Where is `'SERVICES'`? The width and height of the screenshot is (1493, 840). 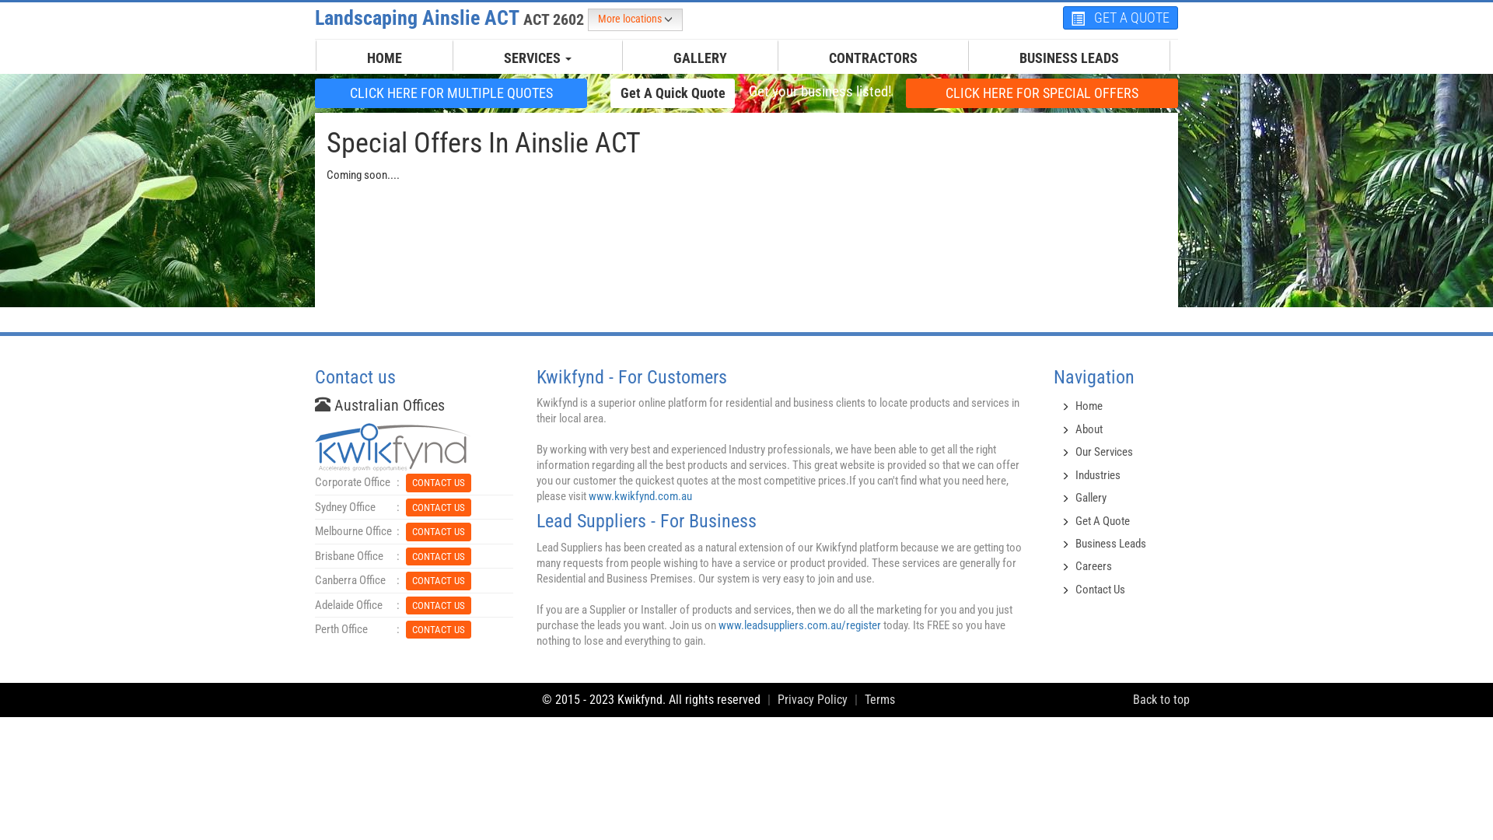
'SERVICES' is located at coordinates (491, 57).